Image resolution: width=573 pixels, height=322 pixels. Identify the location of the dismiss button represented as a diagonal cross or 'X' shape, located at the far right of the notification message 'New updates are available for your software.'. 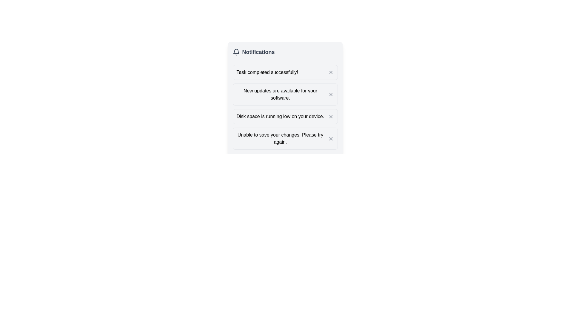
(330, 94).